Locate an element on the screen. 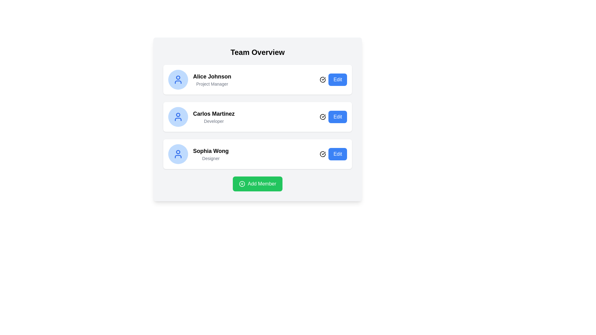 The image size is (596, 335). the circular element representing the user profile icon, specifically located within the third profile section from the top is located at coordinates (178, 152).